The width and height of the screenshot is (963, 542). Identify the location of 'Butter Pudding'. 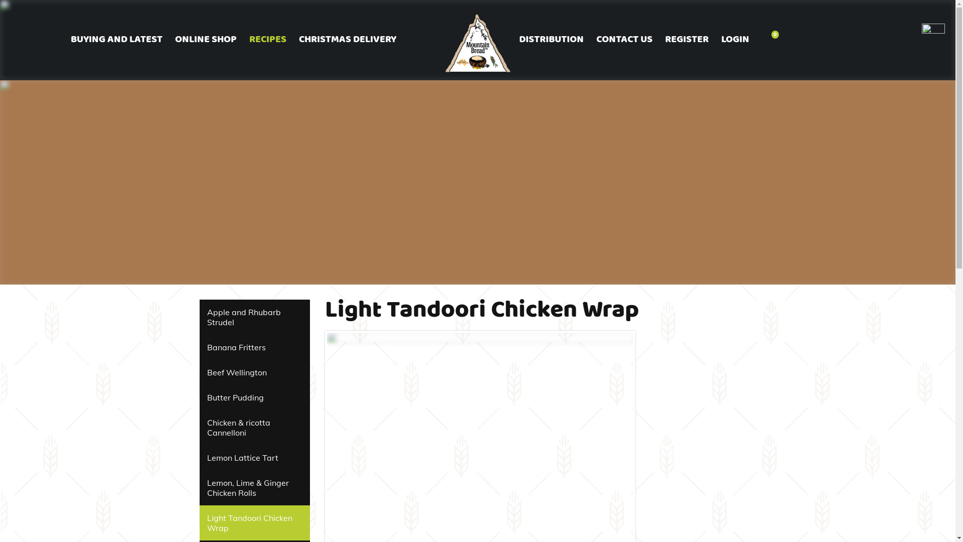
(255, 396).